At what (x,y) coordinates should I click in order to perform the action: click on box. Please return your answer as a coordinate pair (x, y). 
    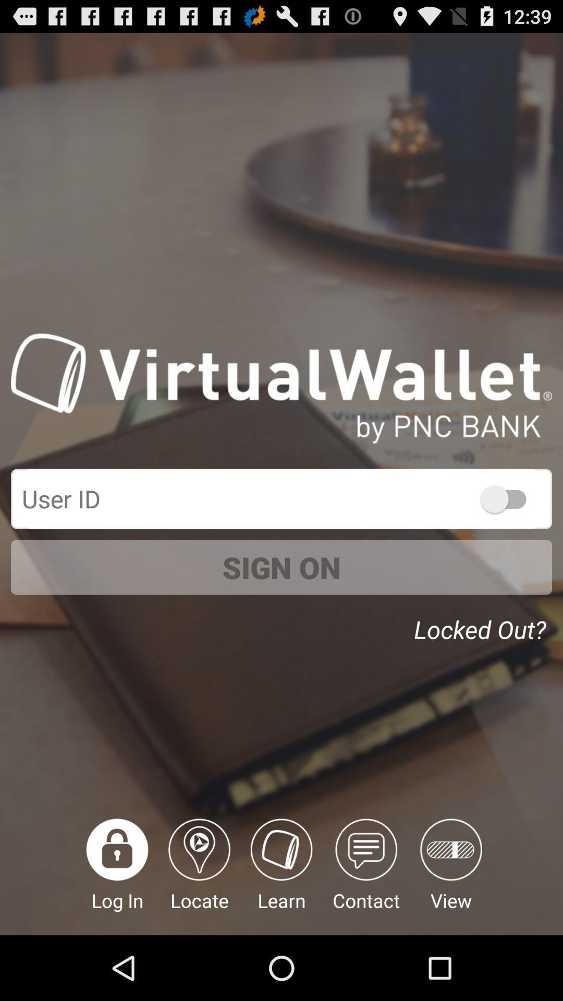
    Looking at the image, I should click on (281, 498).